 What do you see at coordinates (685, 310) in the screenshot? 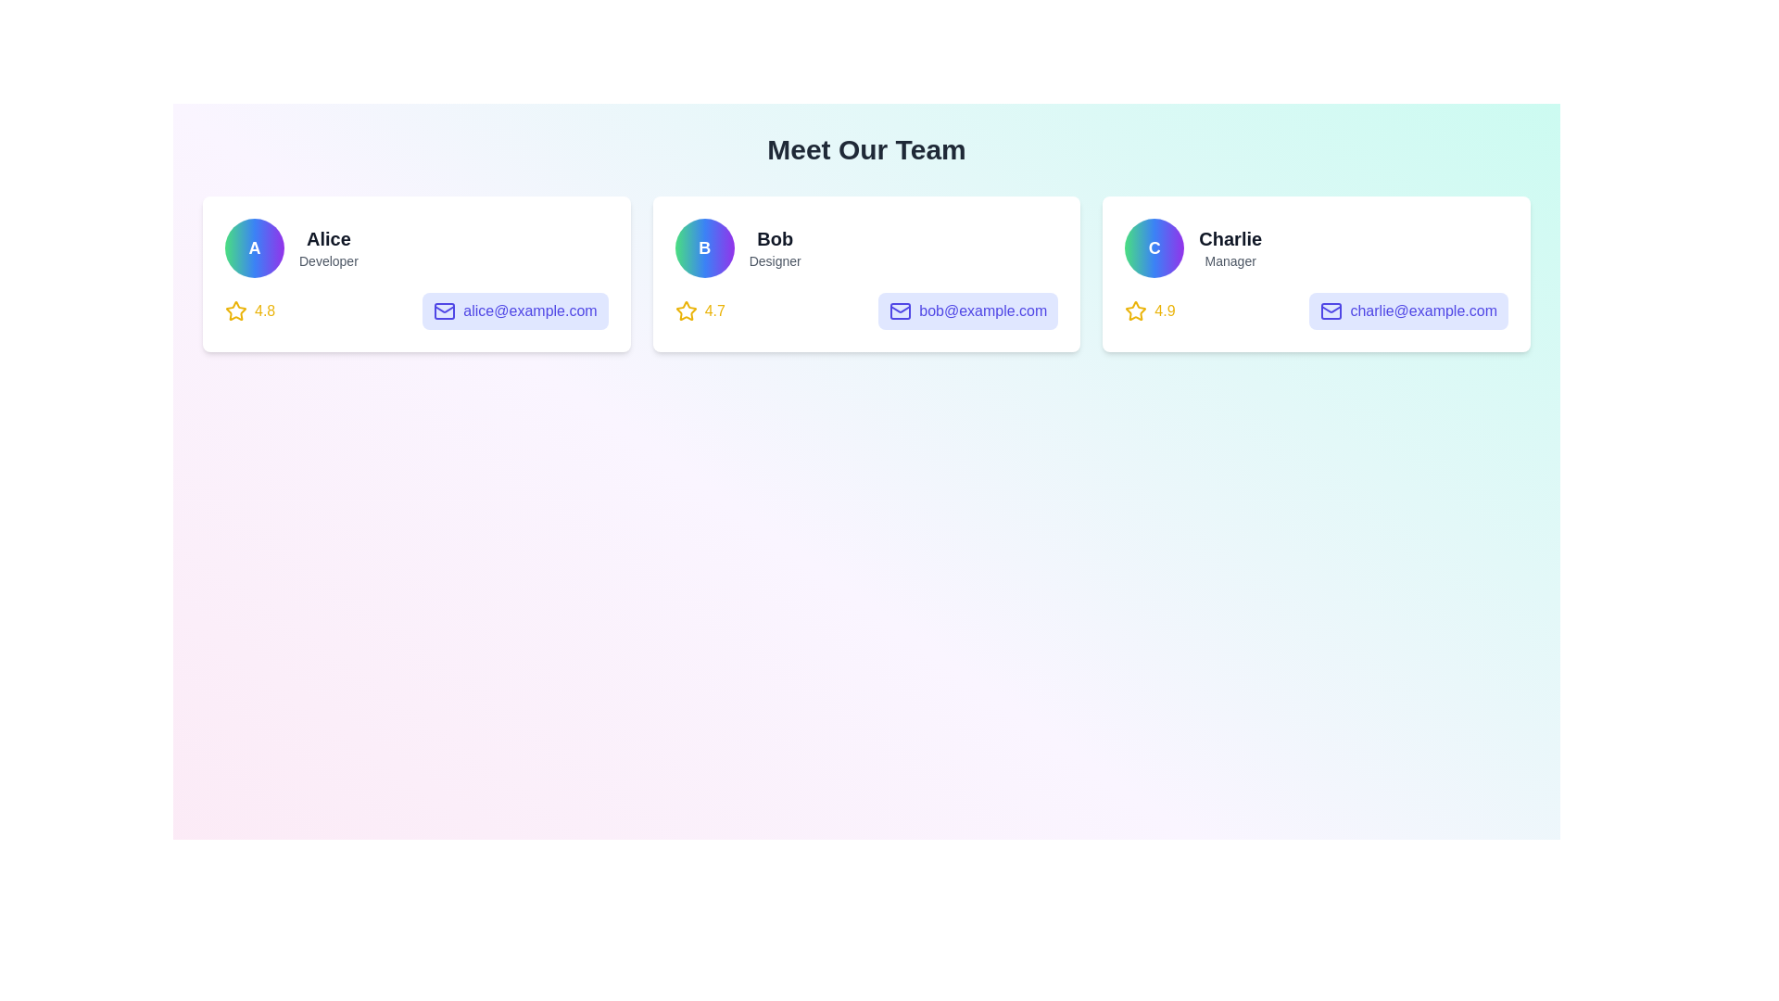
I see `the yellow, hollow, star-shaped decorative icon next to the numerical rating of '4.7' for 'Bob' in the second card from the left` at bounding box center [685, 310].